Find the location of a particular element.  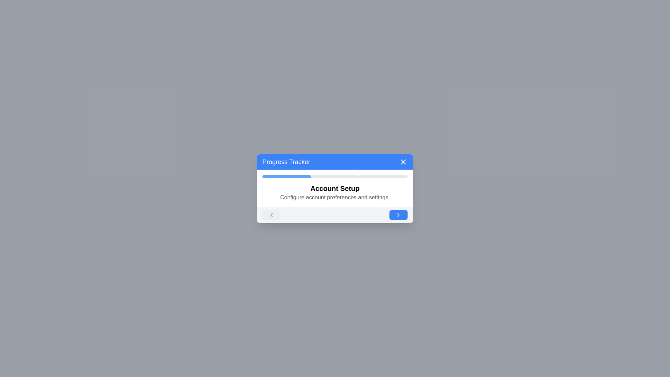

the uncompleted segment of the progress bar located in the middle, which indicates progress yet to be achieved in the multi-step process is located at coordinates (335, 176).